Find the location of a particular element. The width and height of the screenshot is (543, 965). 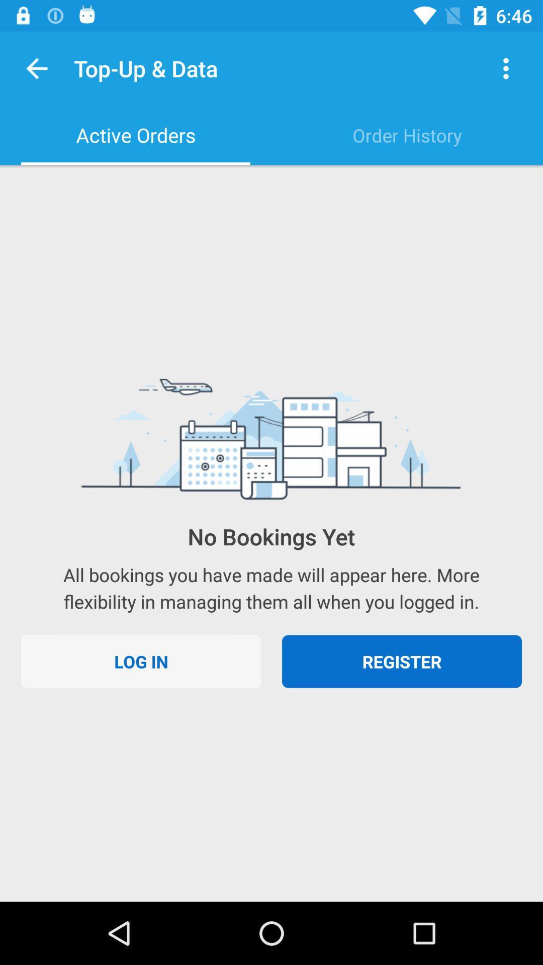

register item is located at coordinates (401, 661).